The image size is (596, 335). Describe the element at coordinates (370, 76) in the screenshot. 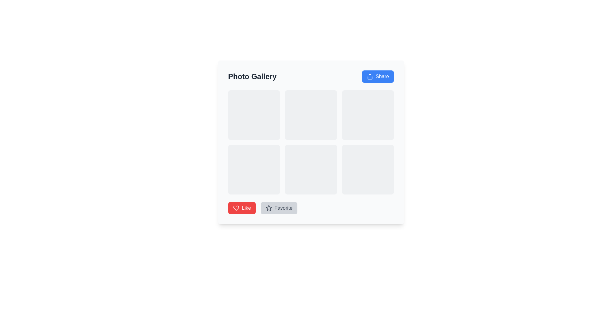

I see `the share icon with a blue background and white border, located beside the 'Share' text, to initiate a share action` at that location.